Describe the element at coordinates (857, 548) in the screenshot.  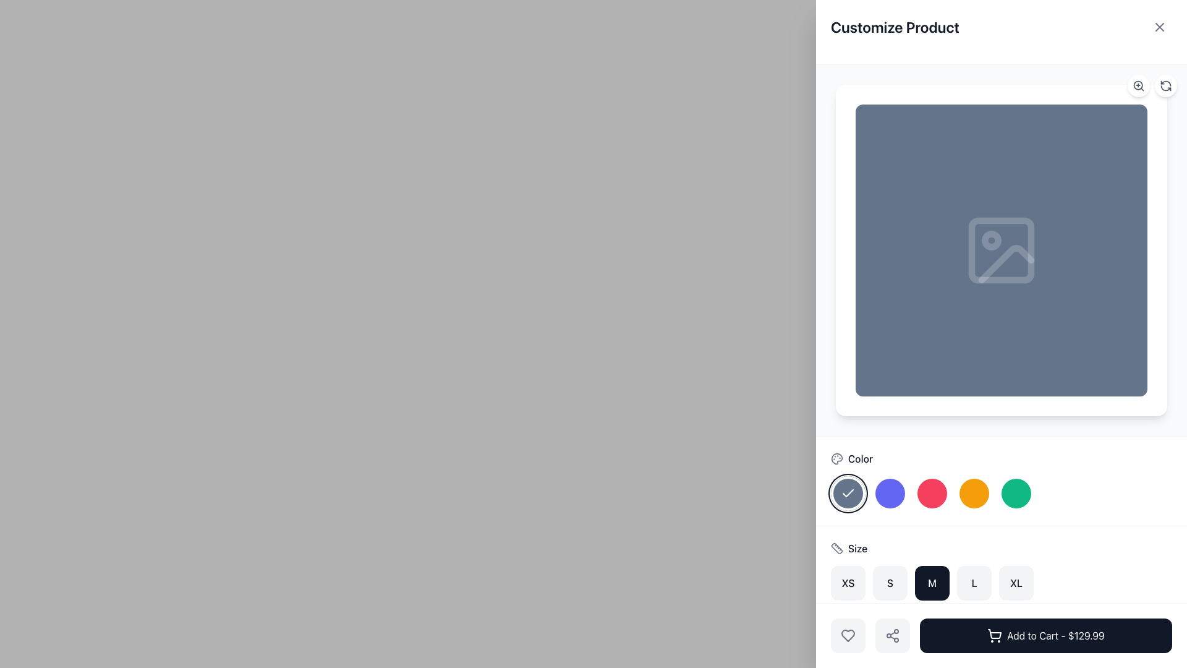
I see `the label indicating the purpose of the size selection section, located beneath the 'Color' selector and above the size buttons 'XS', 'S', 'M', 'L', and 'XL'` at that location.